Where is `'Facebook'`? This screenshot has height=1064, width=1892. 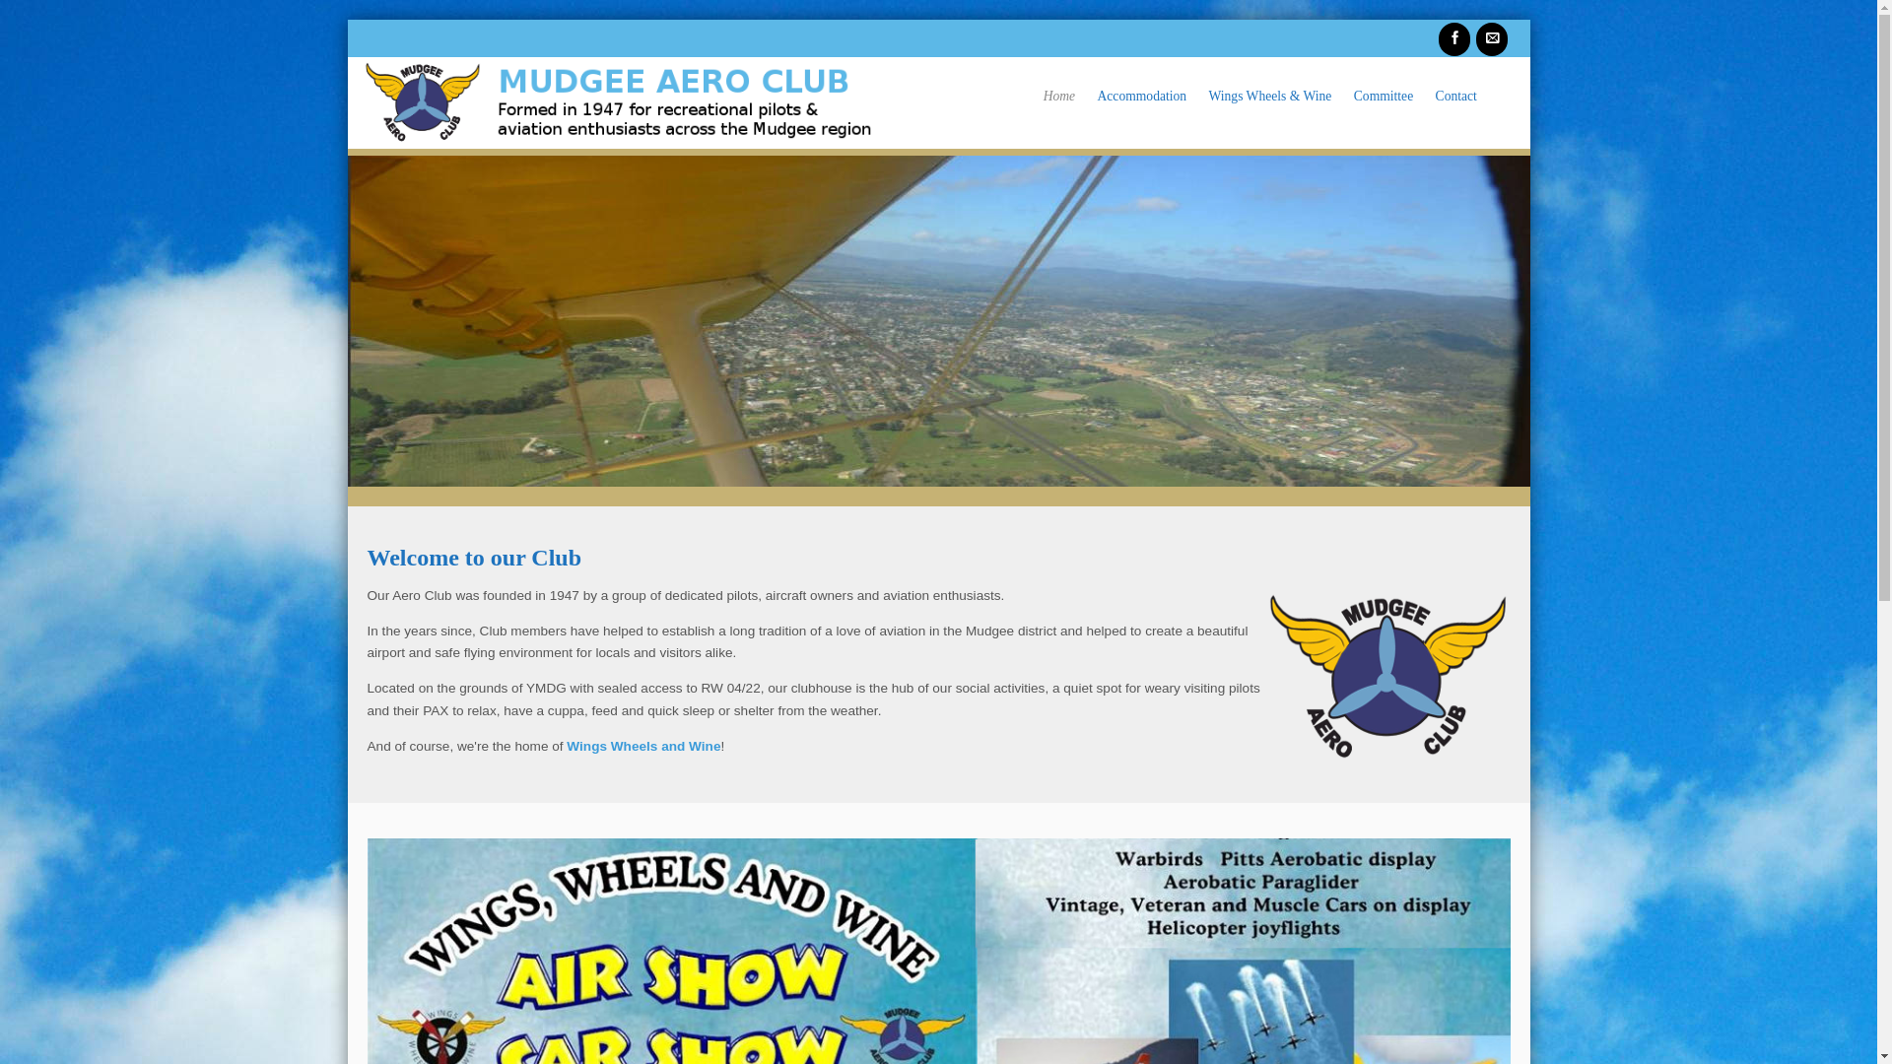 'Facebook' is located at coordinates (1454, 38).